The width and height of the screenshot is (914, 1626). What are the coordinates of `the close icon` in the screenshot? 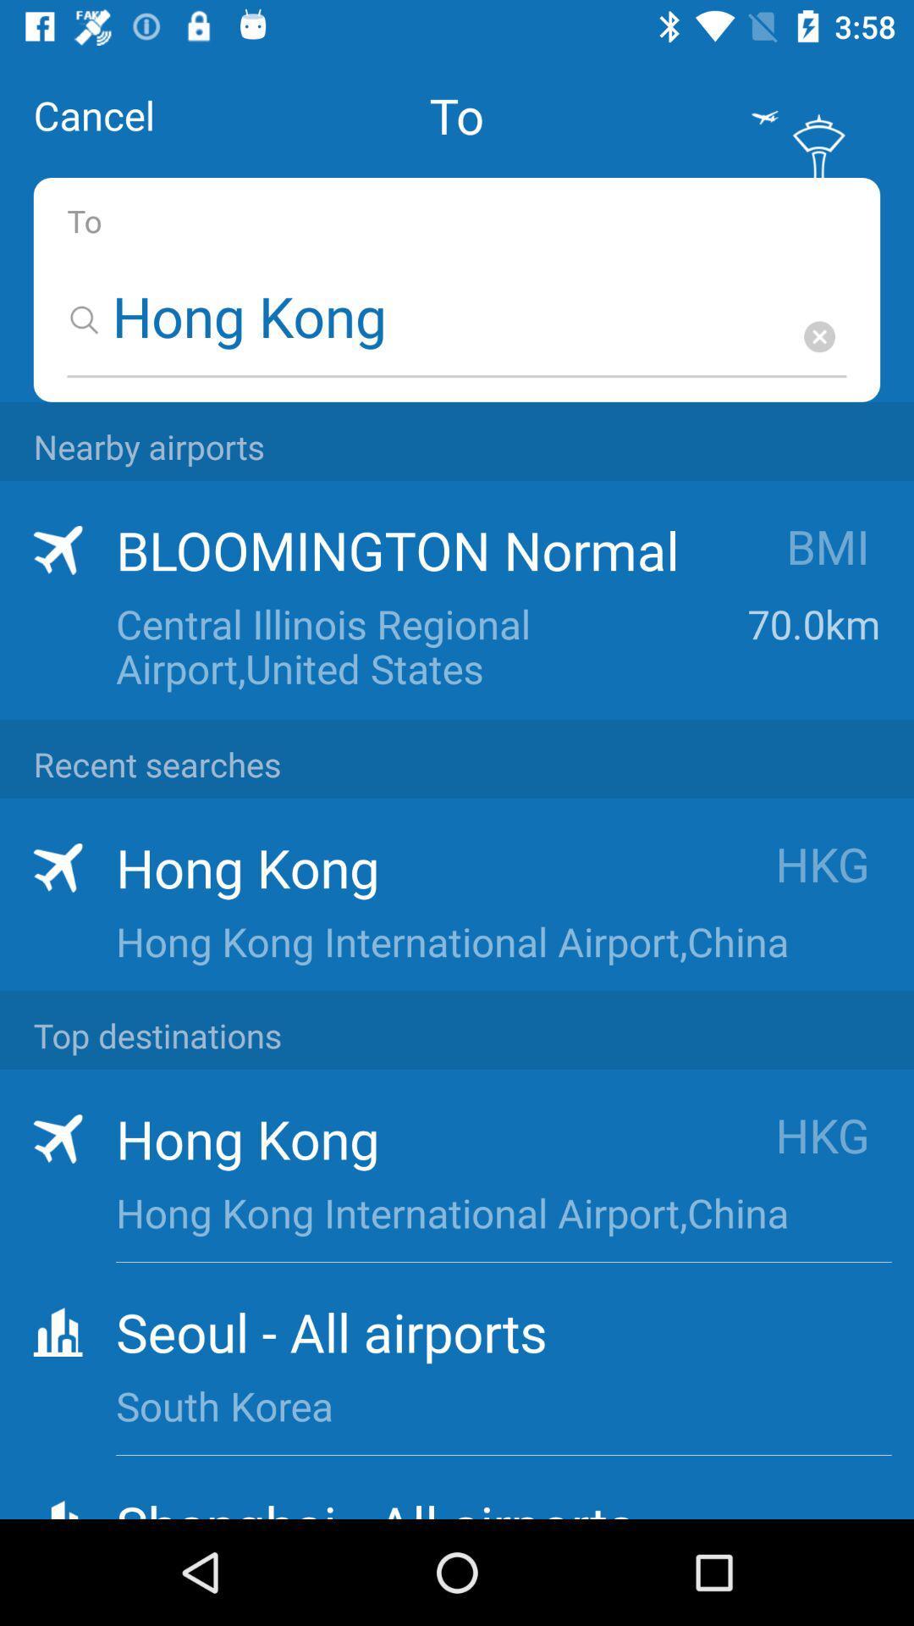 It's located at (818, 336).